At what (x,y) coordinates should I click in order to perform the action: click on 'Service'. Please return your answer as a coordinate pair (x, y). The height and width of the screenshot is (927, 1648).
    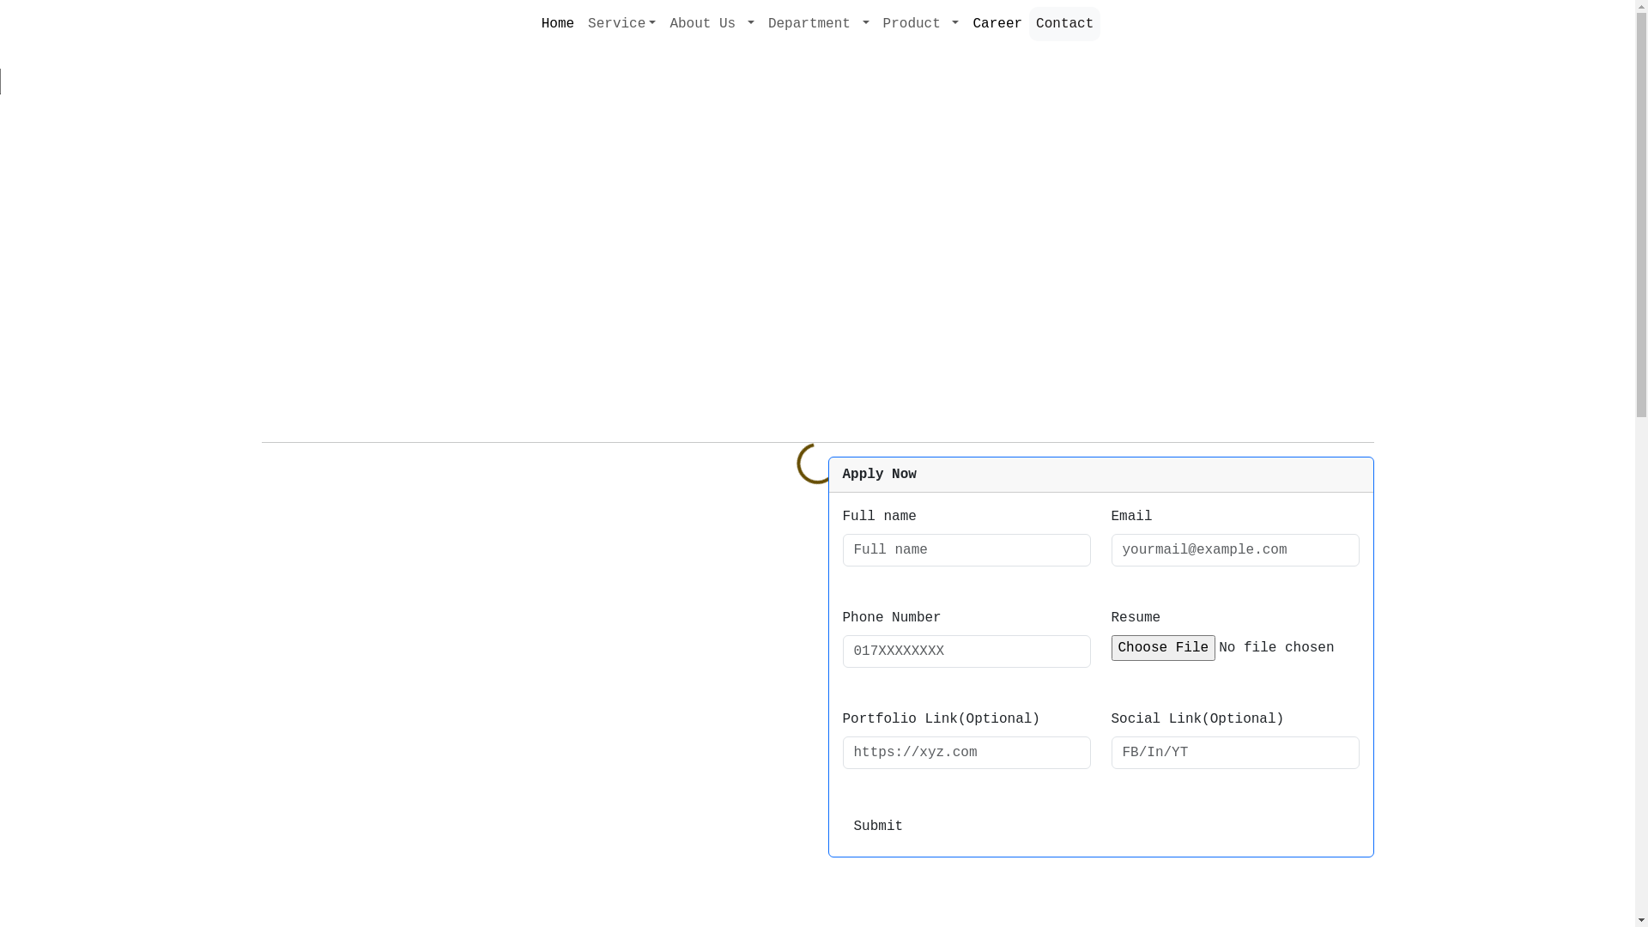
    Looking at the image, I should click on (621, 23).